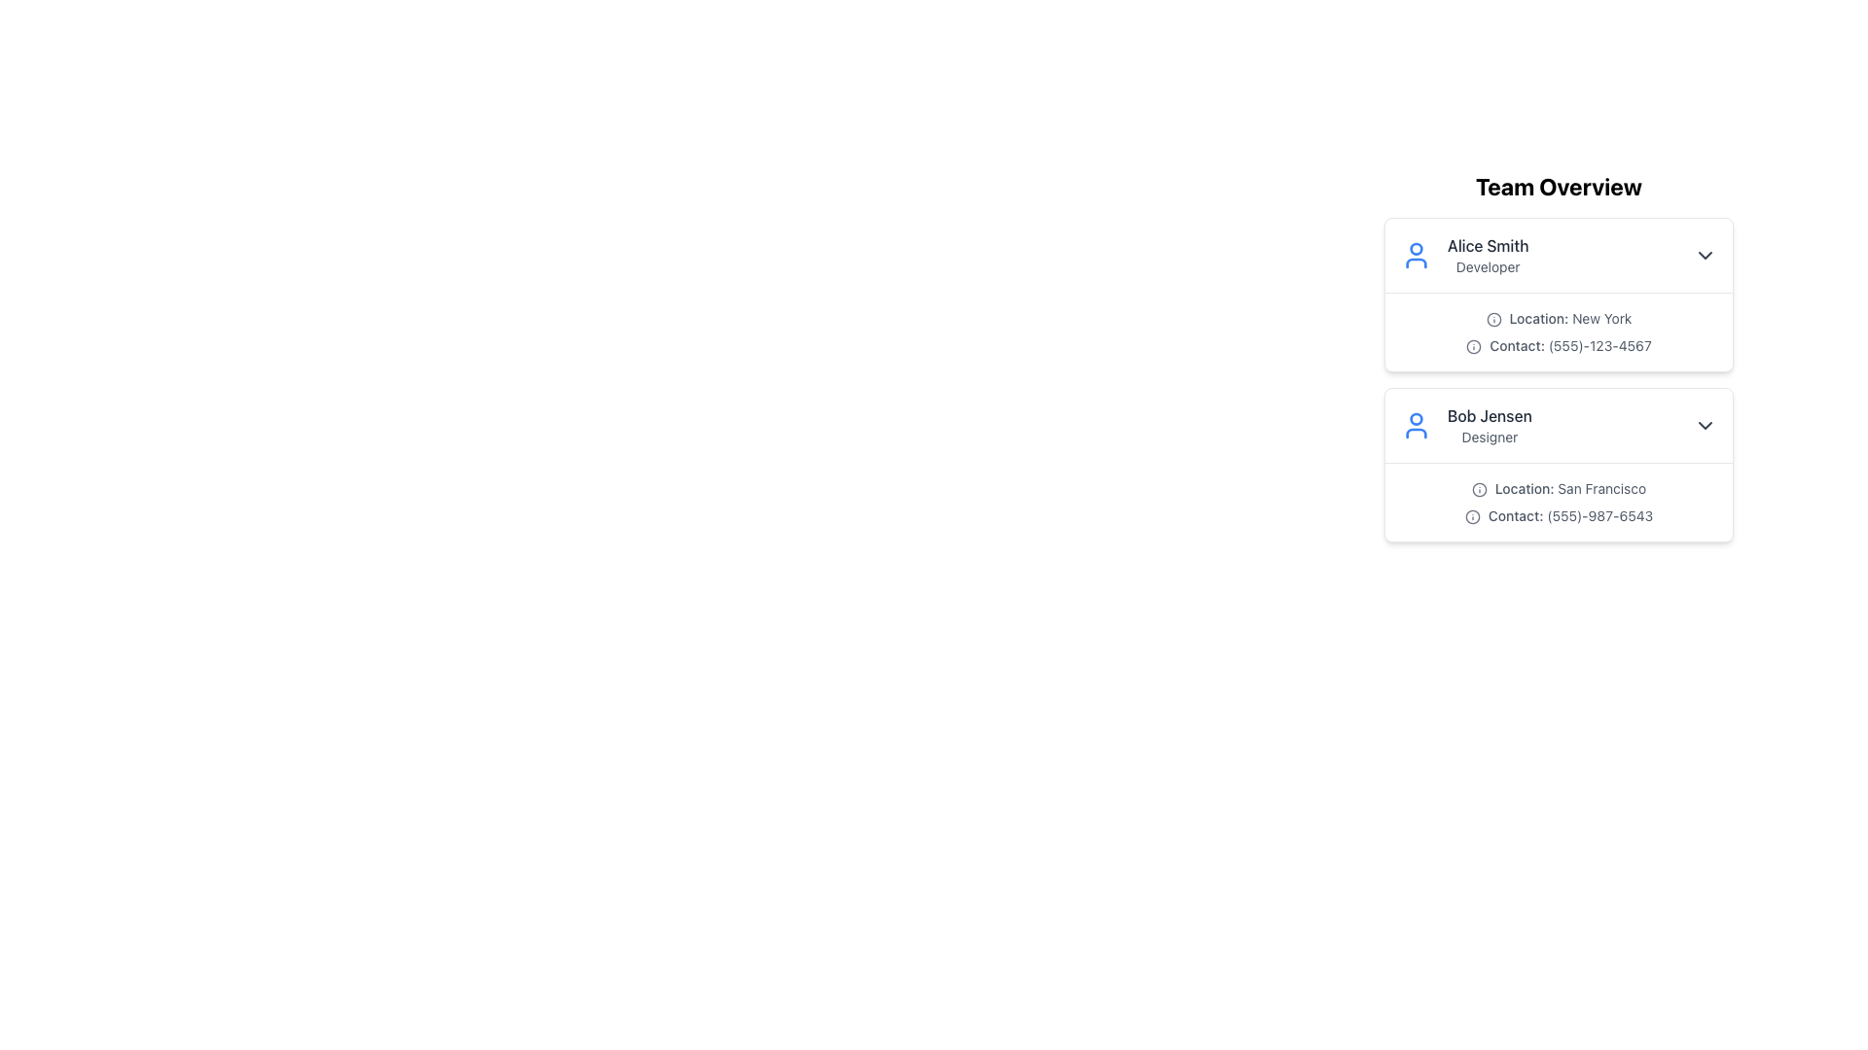  I want to click on the informational icon located to the left of the text 'Contact: (555)-123-4567' in the first card under 'Team Overview', so click(1474, 346).